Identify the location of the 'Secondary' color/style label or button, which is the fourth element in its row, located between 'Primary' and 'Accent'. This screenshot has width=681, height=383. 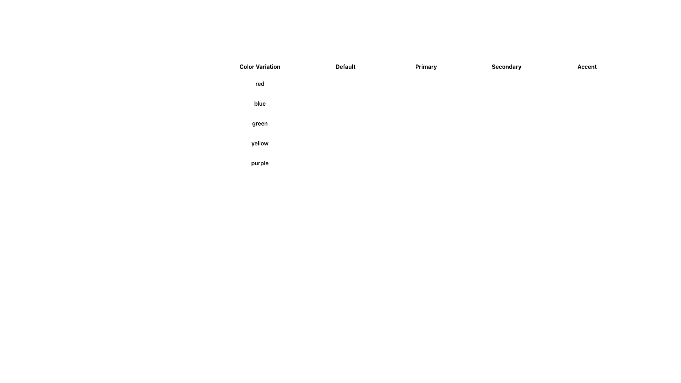
(506, 67).